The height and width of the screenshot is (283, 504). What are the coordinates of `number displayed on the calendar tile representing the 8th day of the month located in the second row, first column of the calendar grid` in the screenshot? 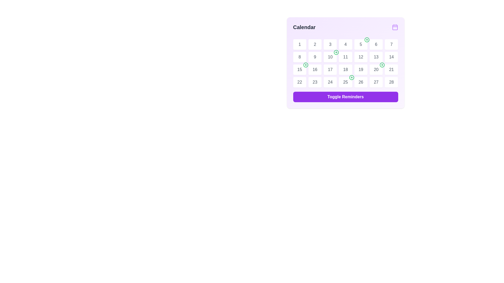 It's located at (300, 57).